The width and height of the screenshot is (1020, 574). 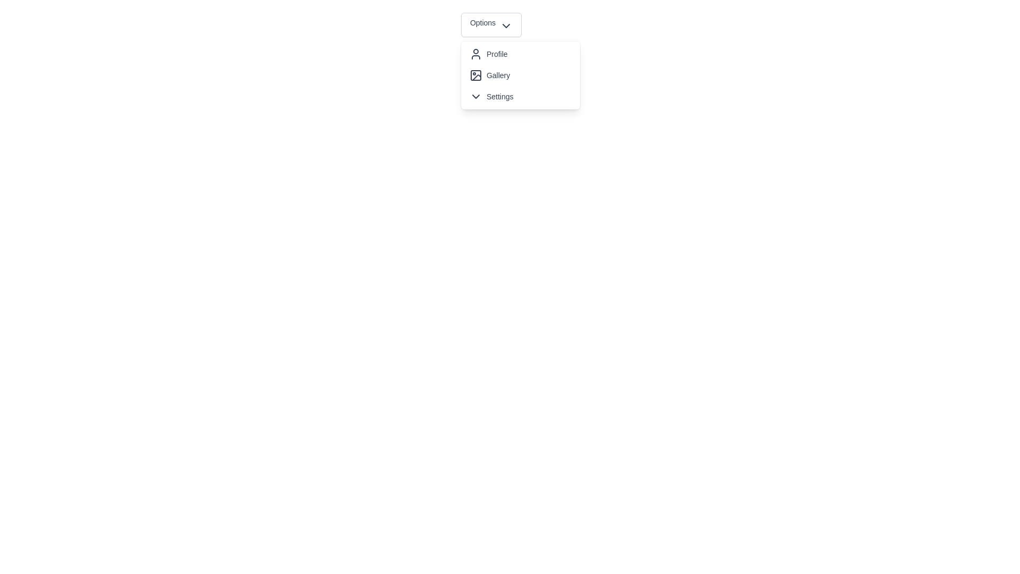 What do you see at coordinates (506, 26) in the screenshot?
I see `the chevron icon next to the 'Options' label to interact with the dropdown menu` at bounding box center [506, 26].